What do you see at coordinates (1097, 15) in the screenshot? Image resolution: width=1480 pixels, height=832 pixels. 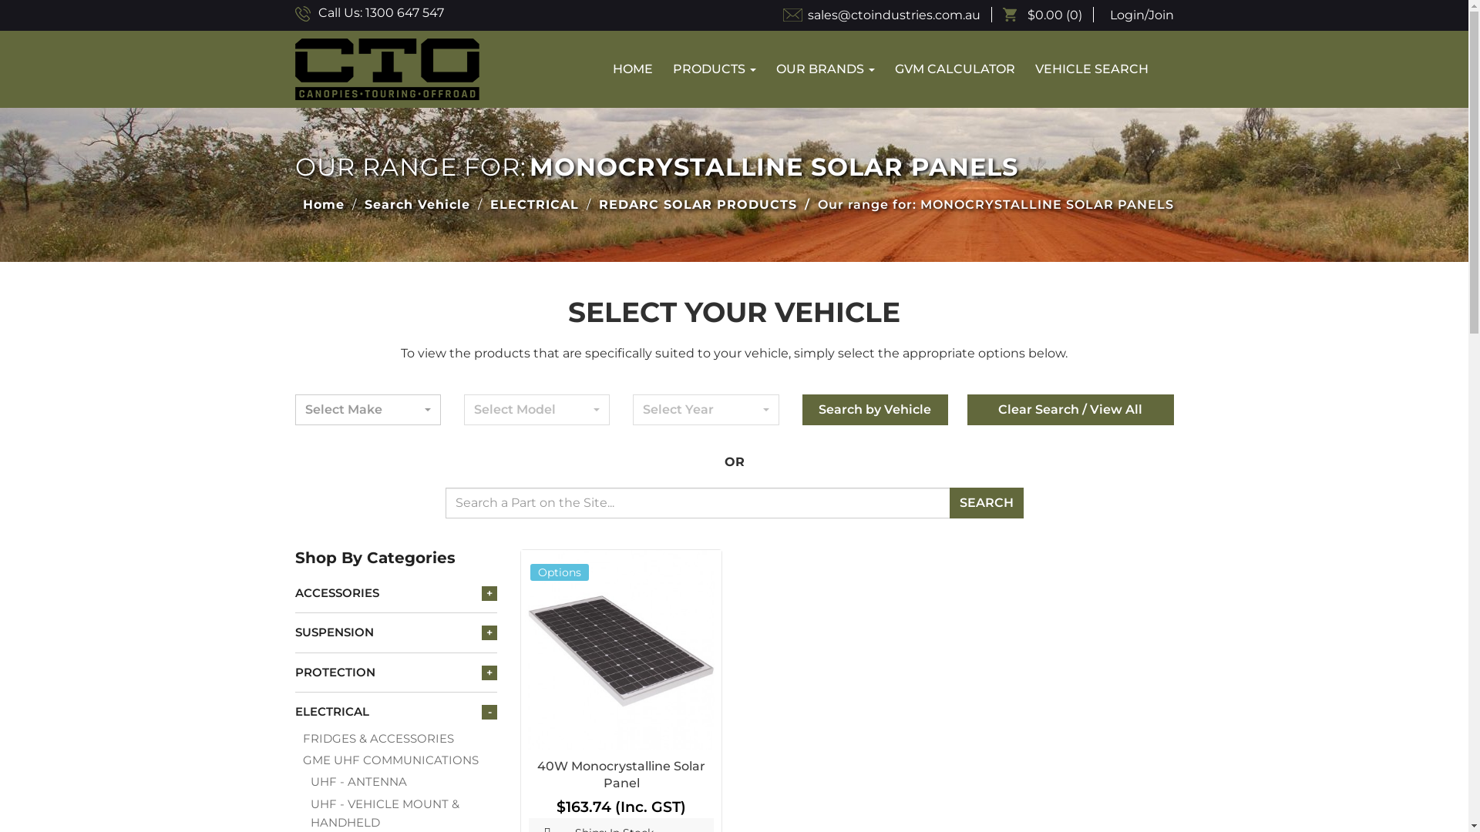 I see `'Login/Join'` at bounding box center [1097, 15].